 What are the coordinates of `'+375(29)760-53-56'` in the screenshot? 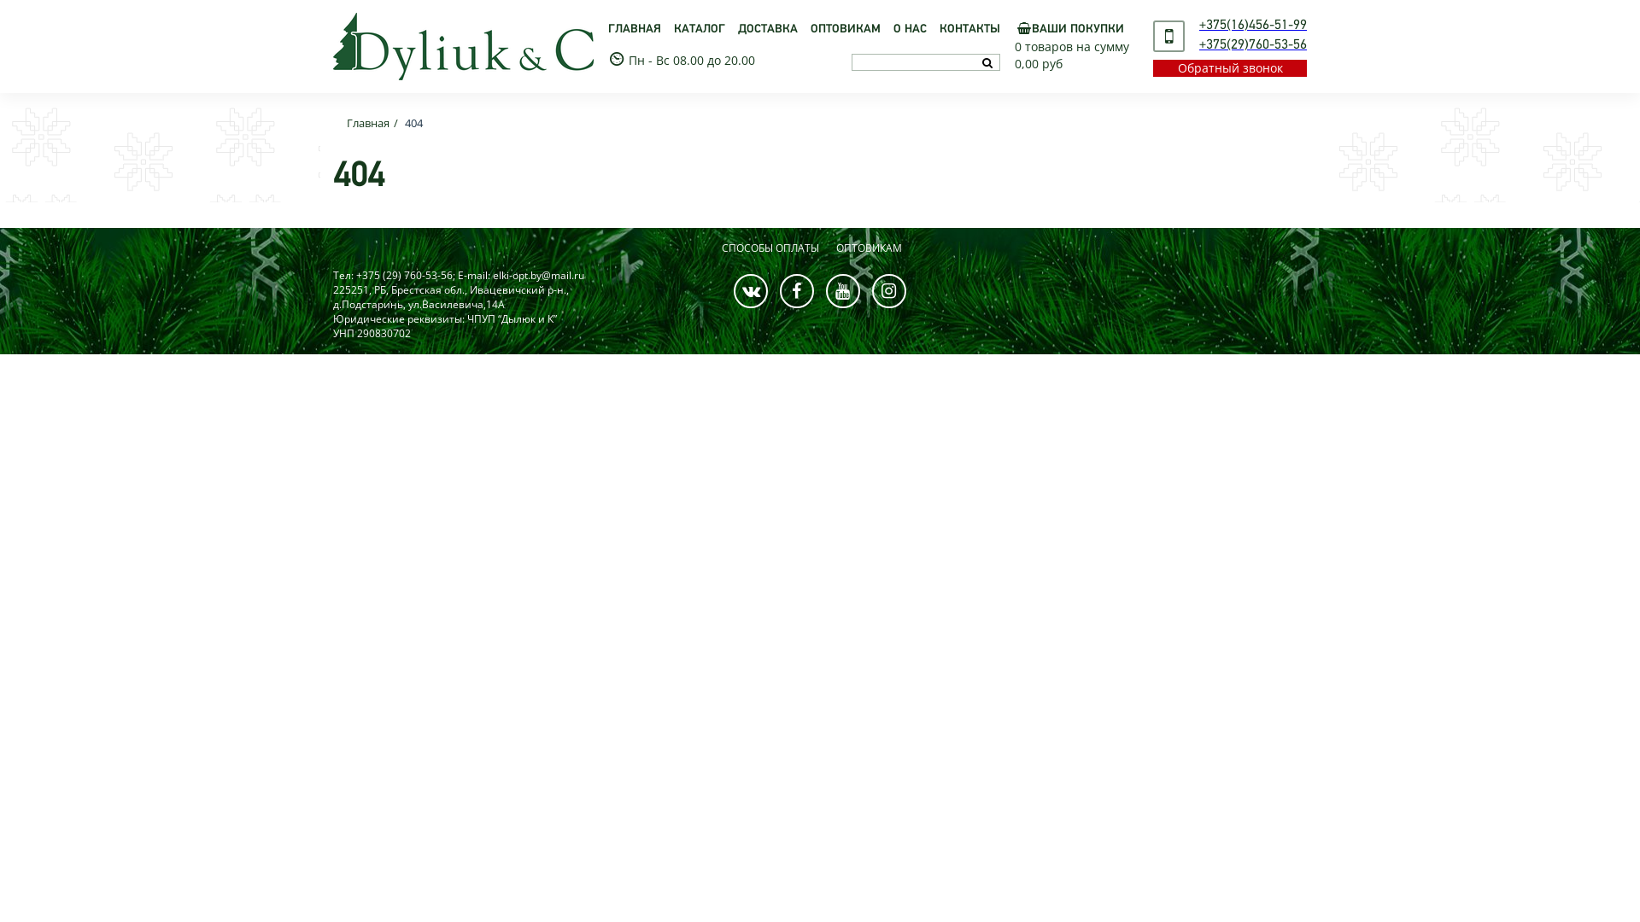 It's located at (1253, 44).